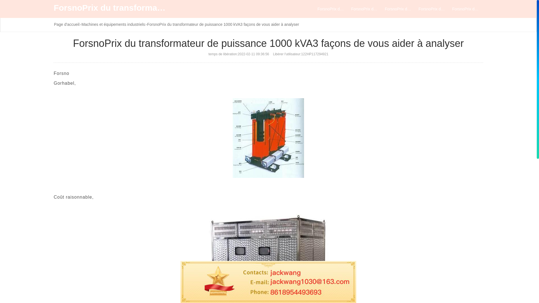 The height and width of the screenshot is (303, 539). I want to click on 'Page d'accueil', so click(54, 24).